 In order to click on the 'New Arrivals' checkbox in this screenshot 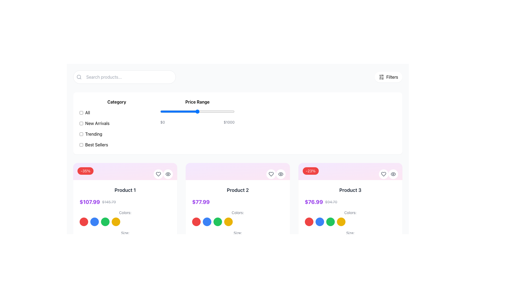, I will do `click(116, 123)`.